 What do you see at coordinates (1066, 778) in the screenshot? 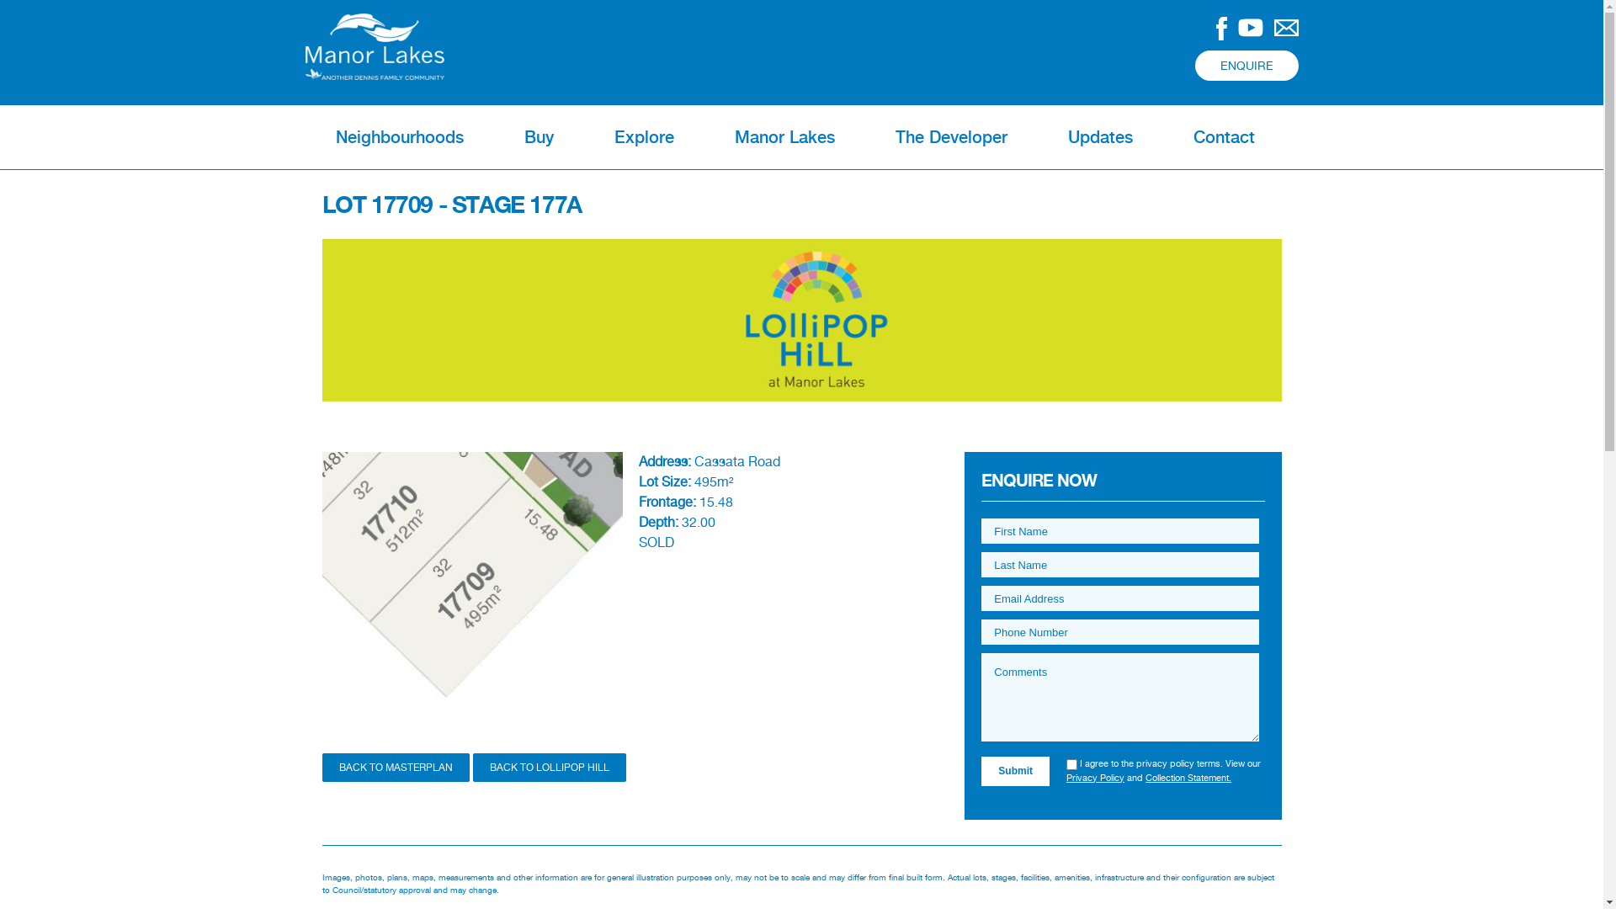
I see `'Privacy Policy'` at bounding box center [1066, 778].